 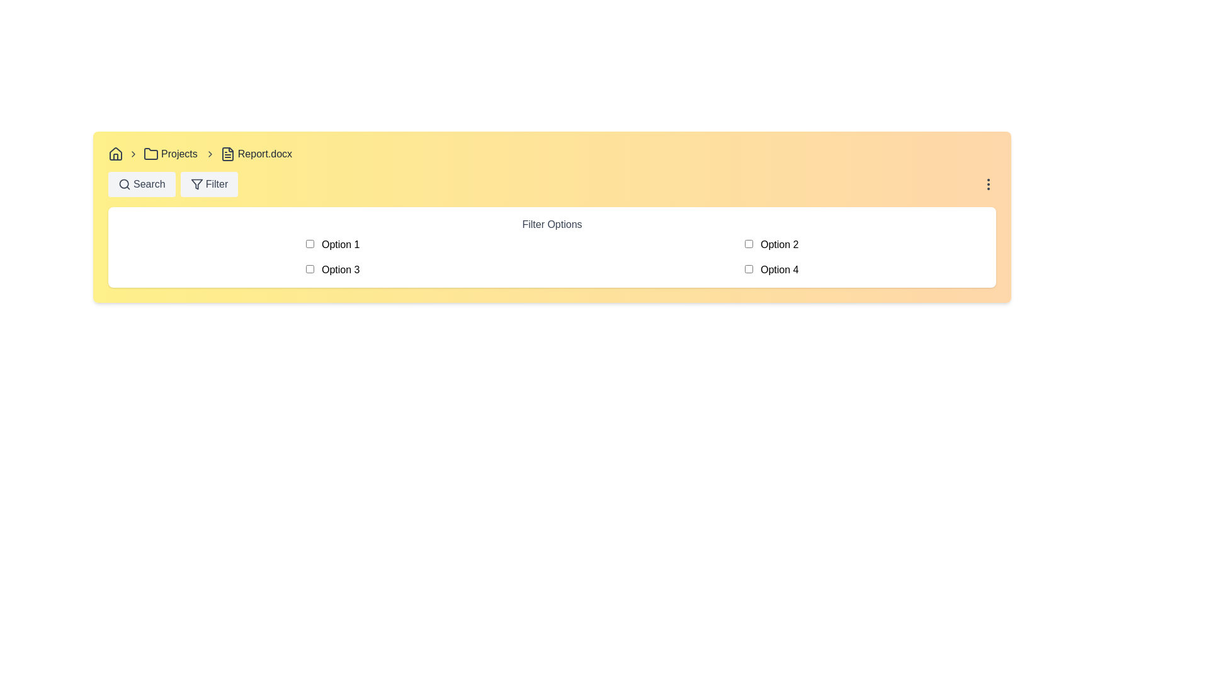 I want to click on the SVG circle graphic located within the 'Search' button, which is part of a search-related icon, so click(x=124, y=184).